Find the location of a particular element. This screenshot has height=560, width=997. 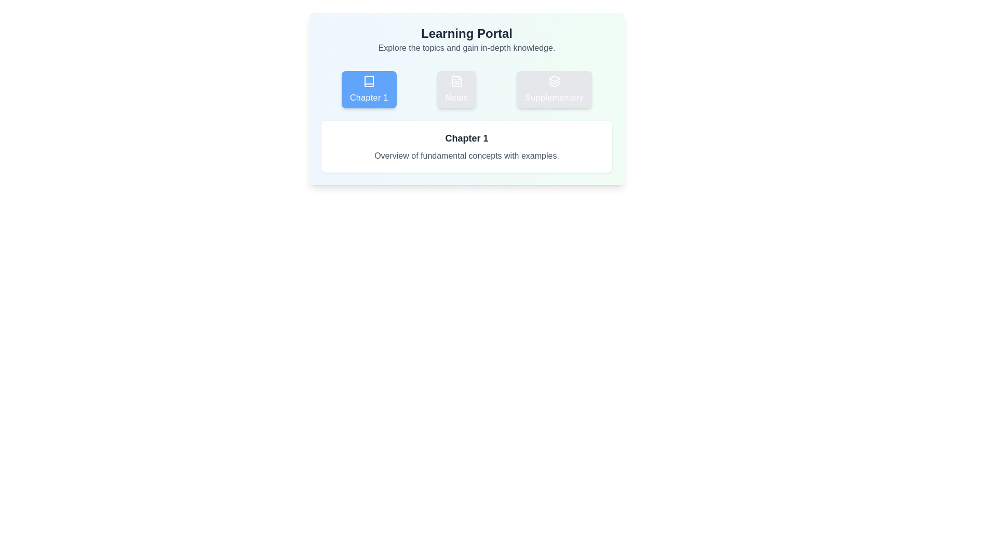

the 'Notes' button located in the toolbar is located at coordinates (456, 89).